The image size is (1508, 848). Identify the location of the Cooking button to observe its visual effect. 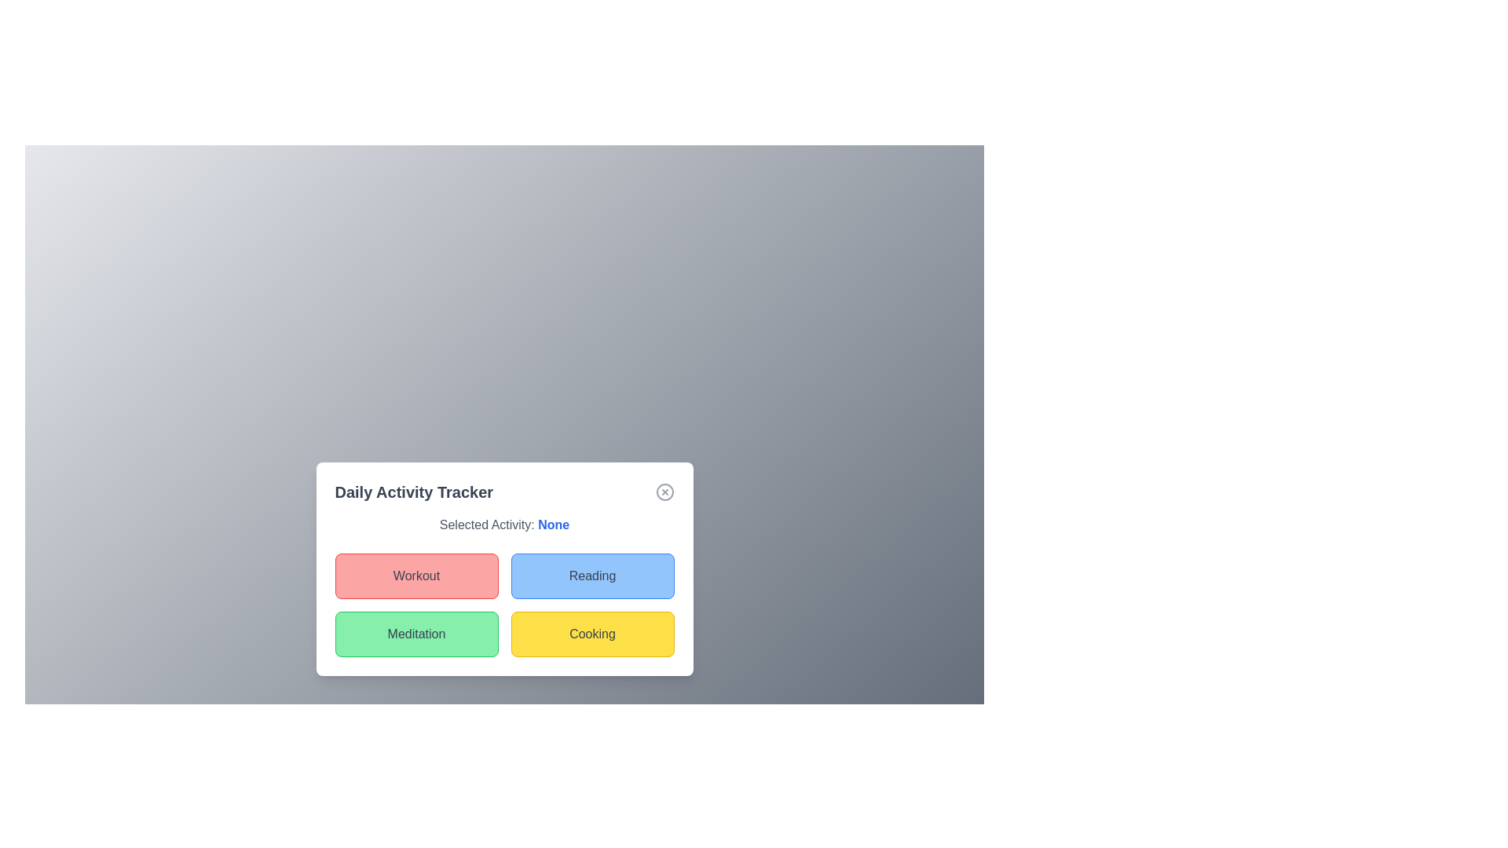
(591, 633).